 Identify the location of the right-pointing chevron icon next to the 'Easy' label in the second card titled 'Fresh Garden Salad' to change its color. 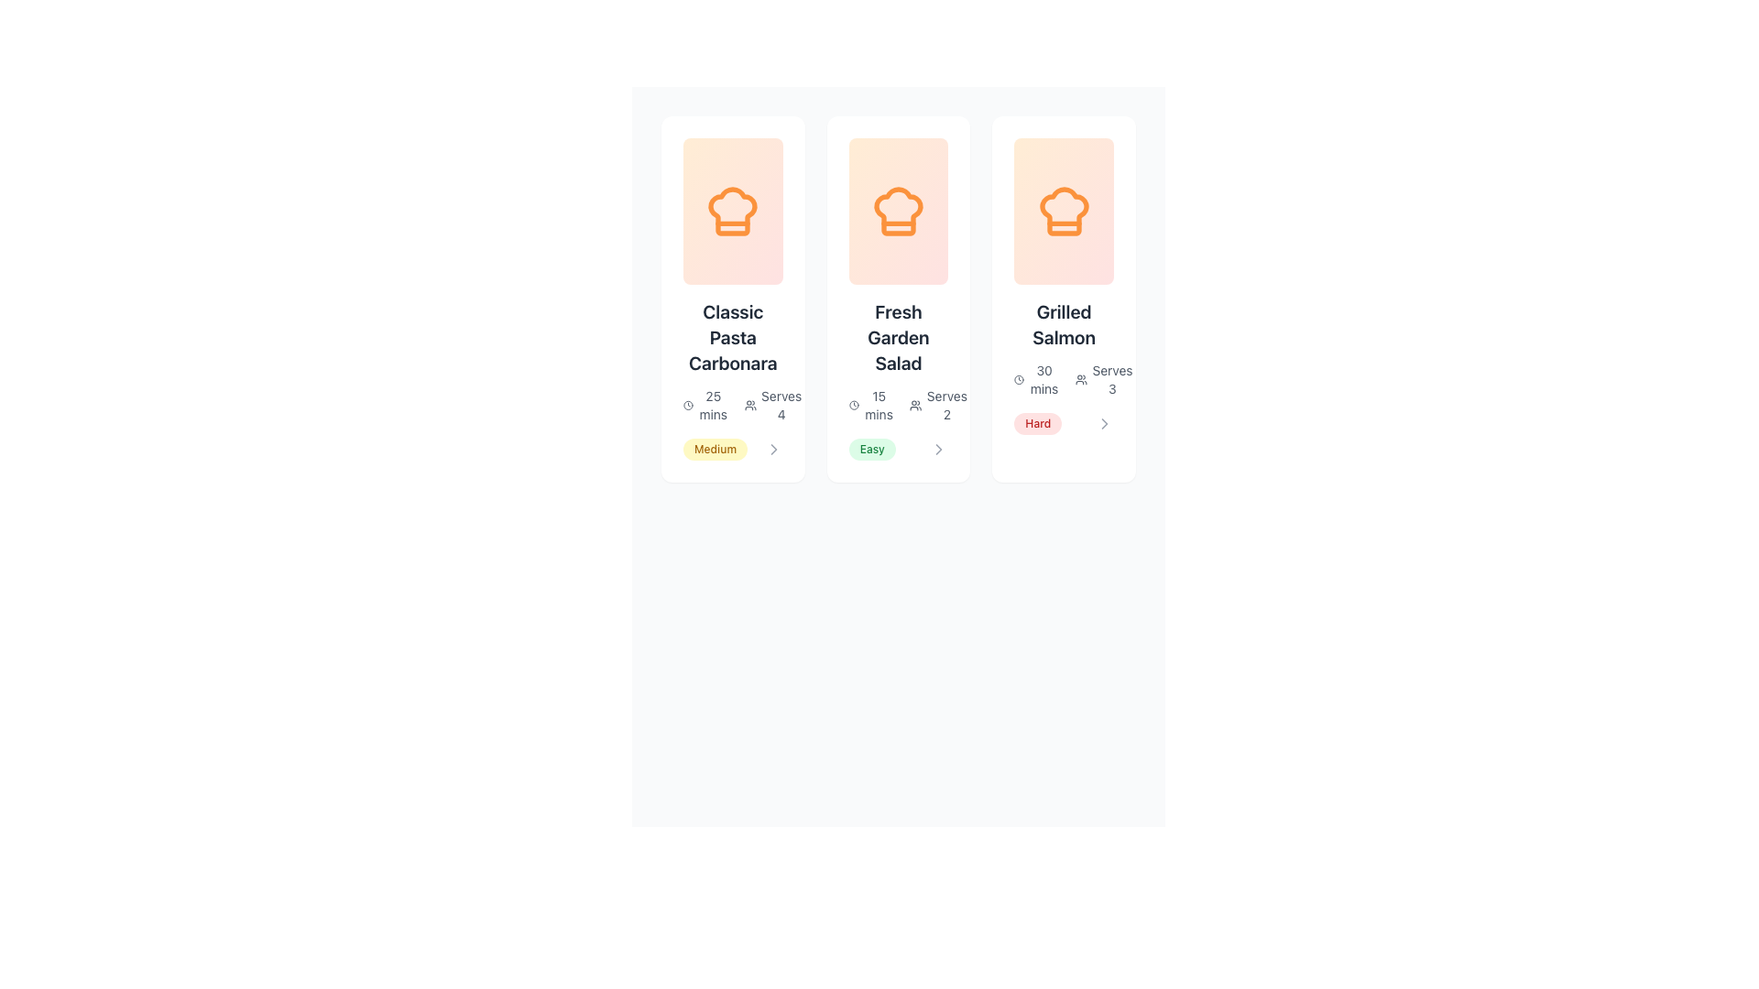
(939, 449).